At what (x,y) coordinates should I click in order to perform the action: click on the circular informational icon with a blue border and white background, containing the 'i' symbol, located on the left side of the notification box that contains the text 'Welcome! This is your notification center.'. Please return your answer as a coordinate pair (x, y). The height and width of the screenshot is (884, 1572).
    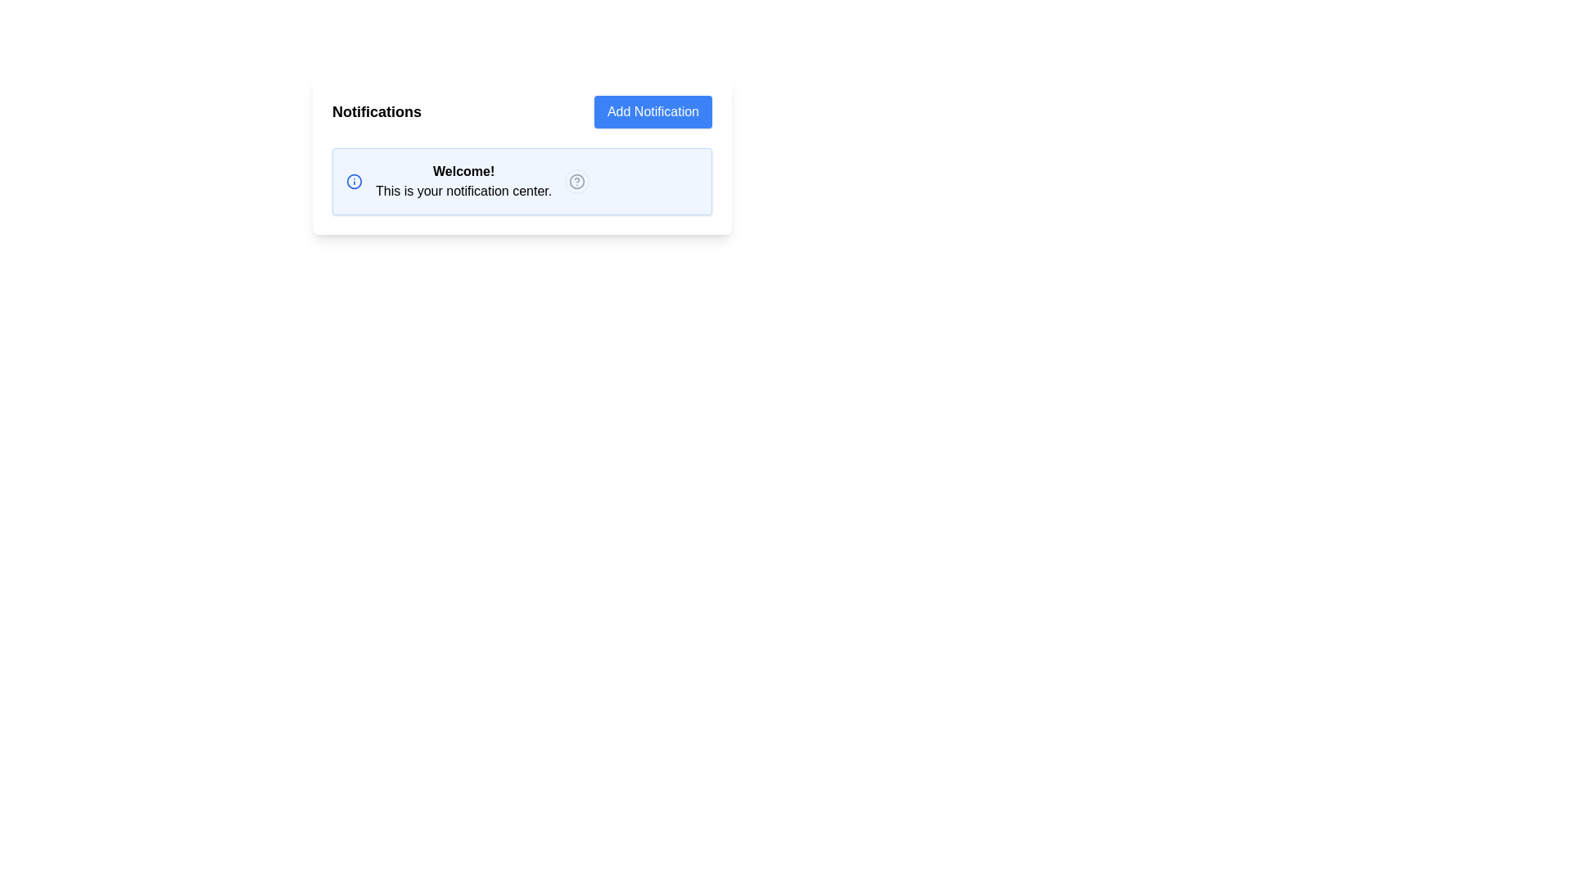
    Looking at the image, I should click on (353, 182).